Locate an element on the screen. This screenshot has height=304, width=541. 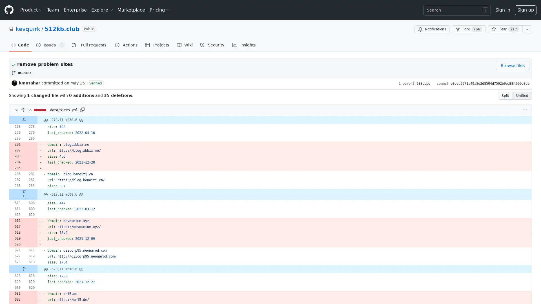
Unified is located at coordinates (522, 95).